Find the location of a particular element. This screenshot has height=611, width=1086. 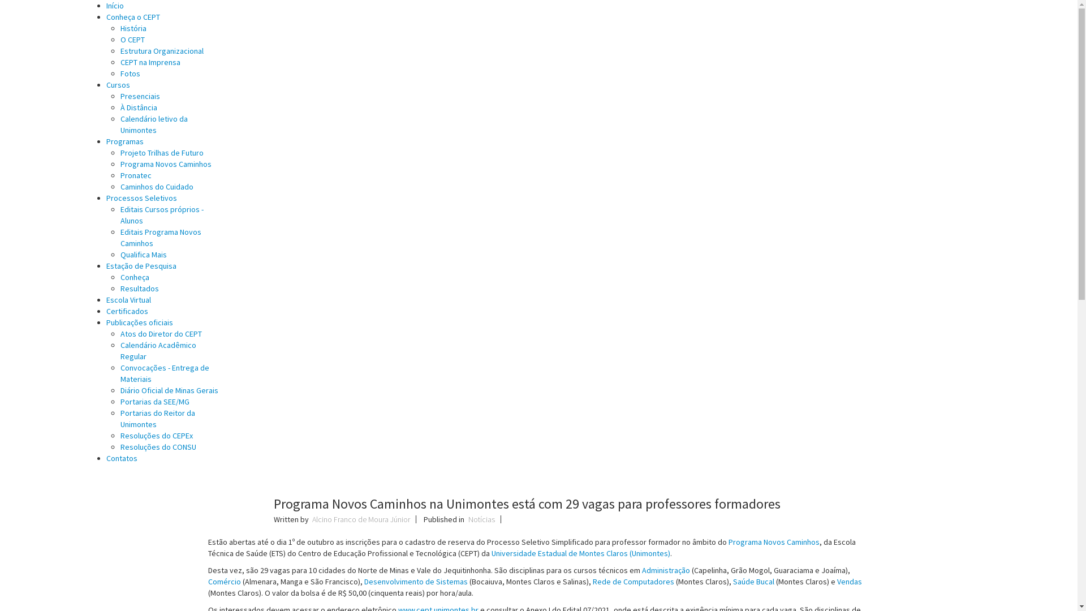

'Editais Programa Novos Caminhos' is located at coordinates (160, 237).